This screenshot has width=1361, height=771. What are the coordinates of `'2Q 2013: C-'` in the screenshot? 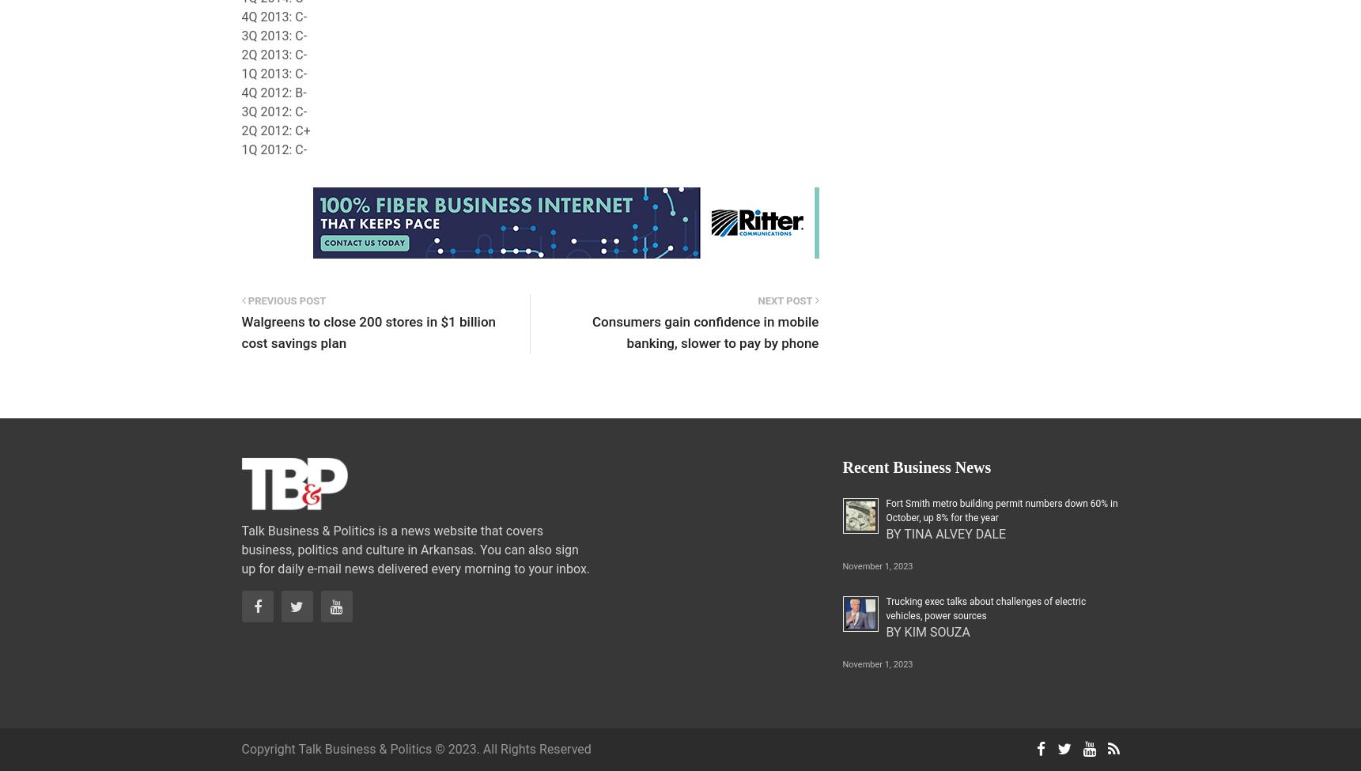 It's located at (274, 55).